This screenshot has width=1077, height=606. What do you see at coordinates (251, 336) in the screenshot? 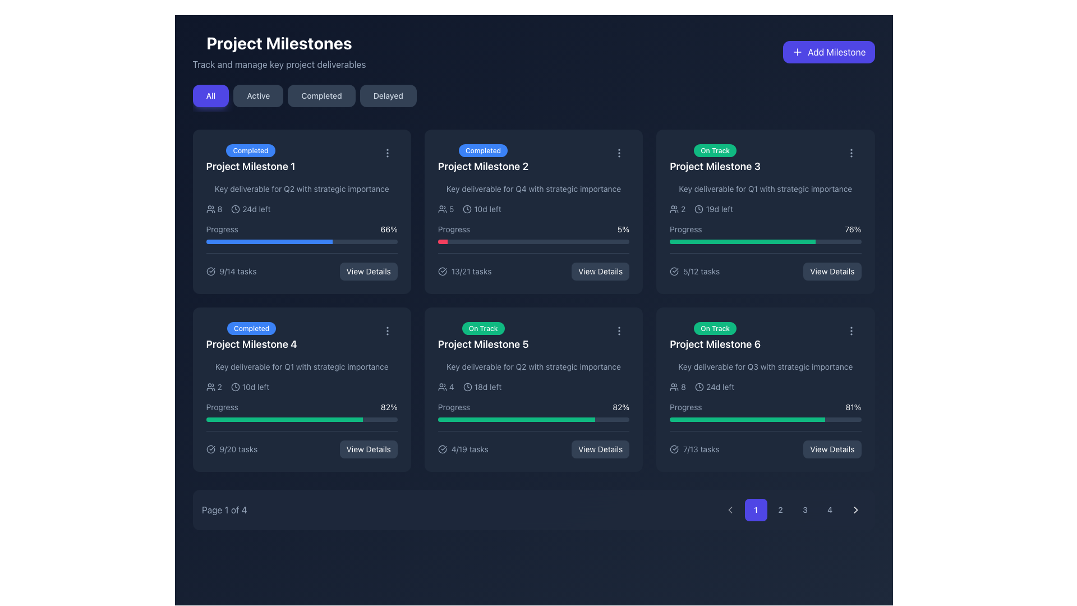
I see `the blue, rounded rectangle button labeled 'Completed' which is directly above the title 'Project Milestone 4'` at bounding box center [251, 336].